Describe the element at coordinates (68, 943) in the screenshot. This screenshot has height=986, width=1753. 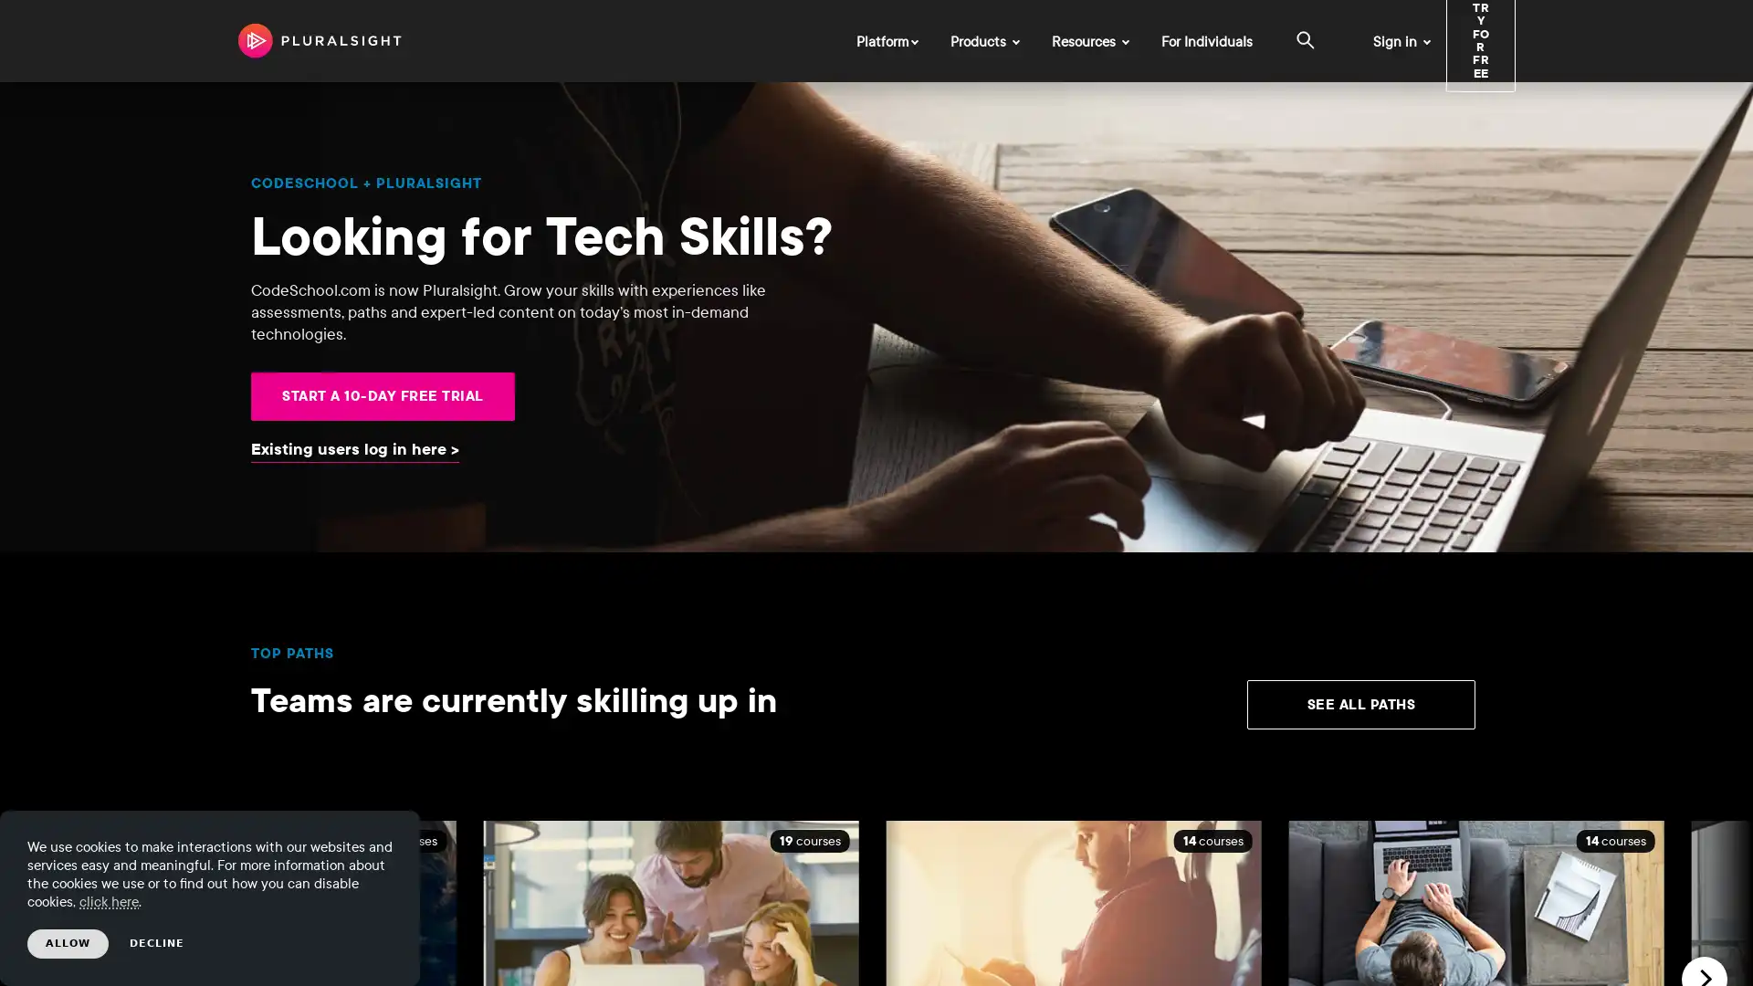
I see `ALLOW` at that location.